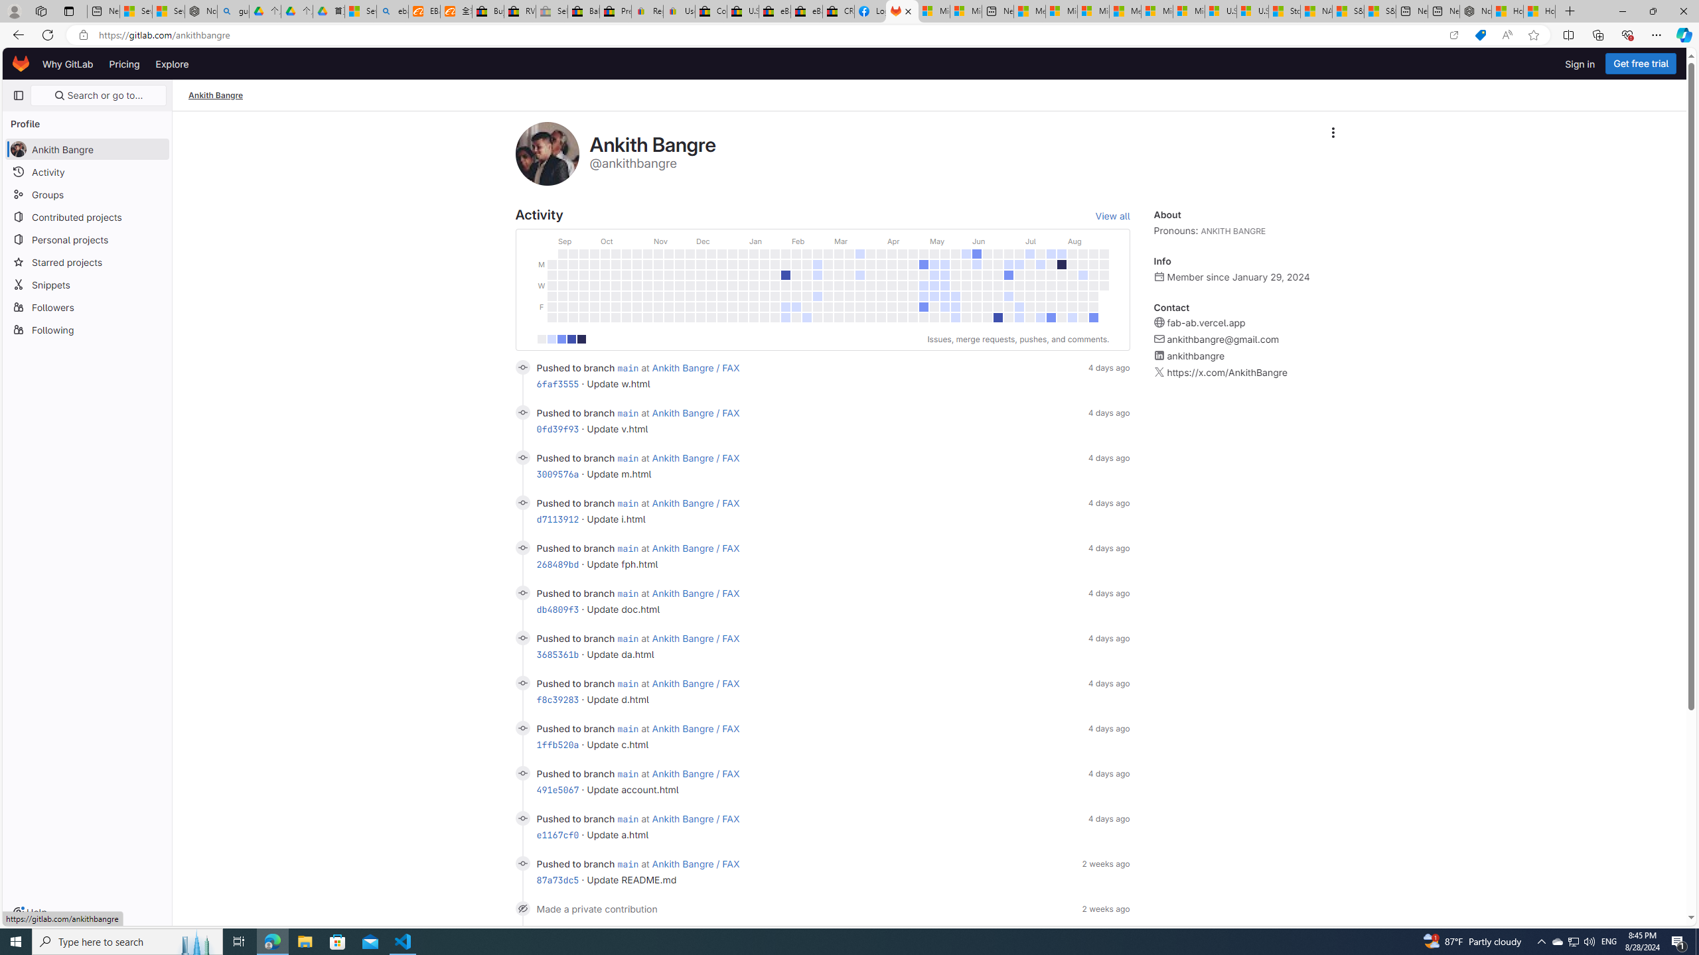 This screenshot has height=955, width=1699. I want to click on 'Explore', so click(171, 63).